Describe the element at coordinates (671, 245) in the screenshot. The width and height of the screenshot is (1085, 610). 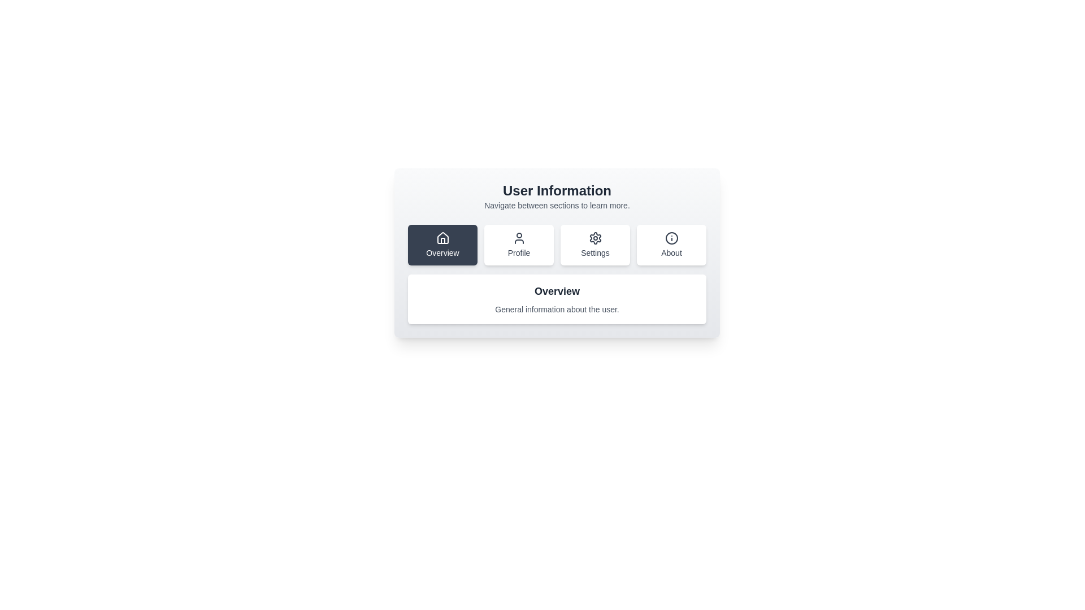
I see `the navigation button located in the fourth column of the button grid` at that location.